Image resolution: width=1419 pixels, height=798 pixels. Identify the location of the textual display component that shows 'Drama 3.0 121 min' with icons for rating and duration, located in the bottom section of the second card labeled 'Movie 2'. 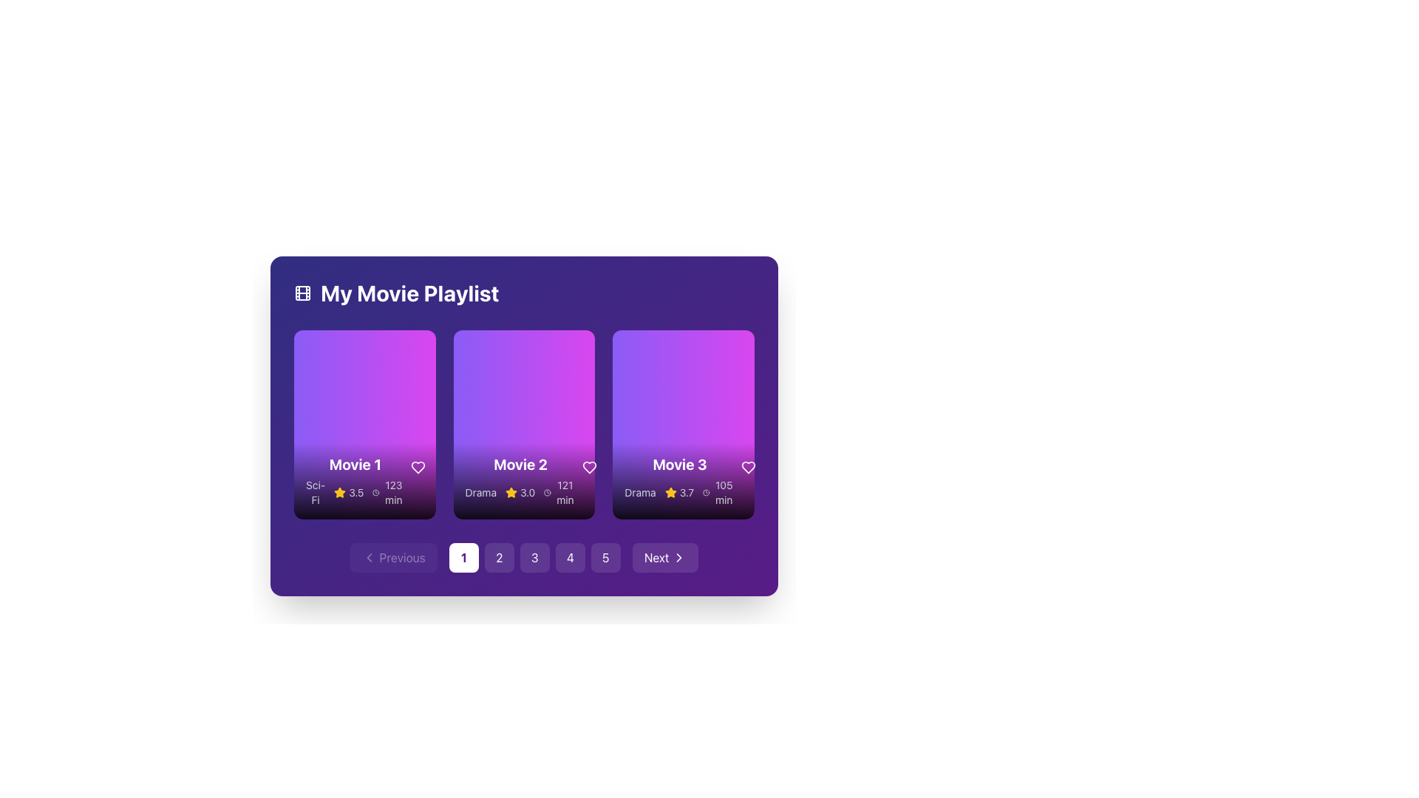
(524, 481).